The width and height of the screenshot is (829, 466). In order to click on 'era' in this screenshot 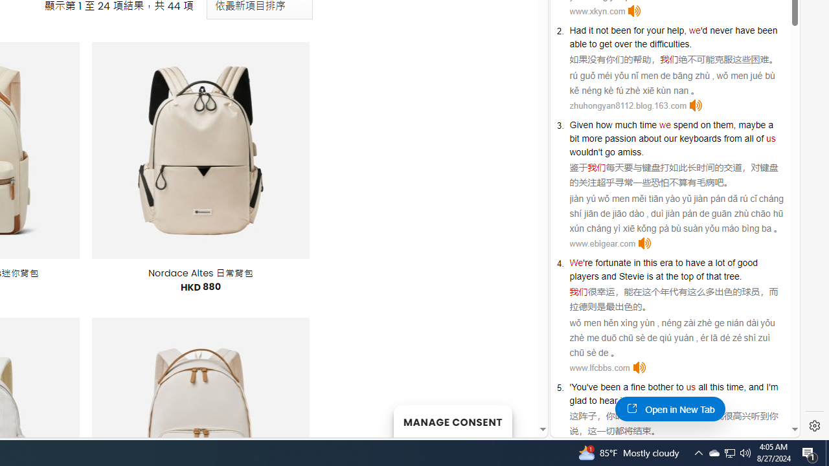, I will do `click(666, 262)`.